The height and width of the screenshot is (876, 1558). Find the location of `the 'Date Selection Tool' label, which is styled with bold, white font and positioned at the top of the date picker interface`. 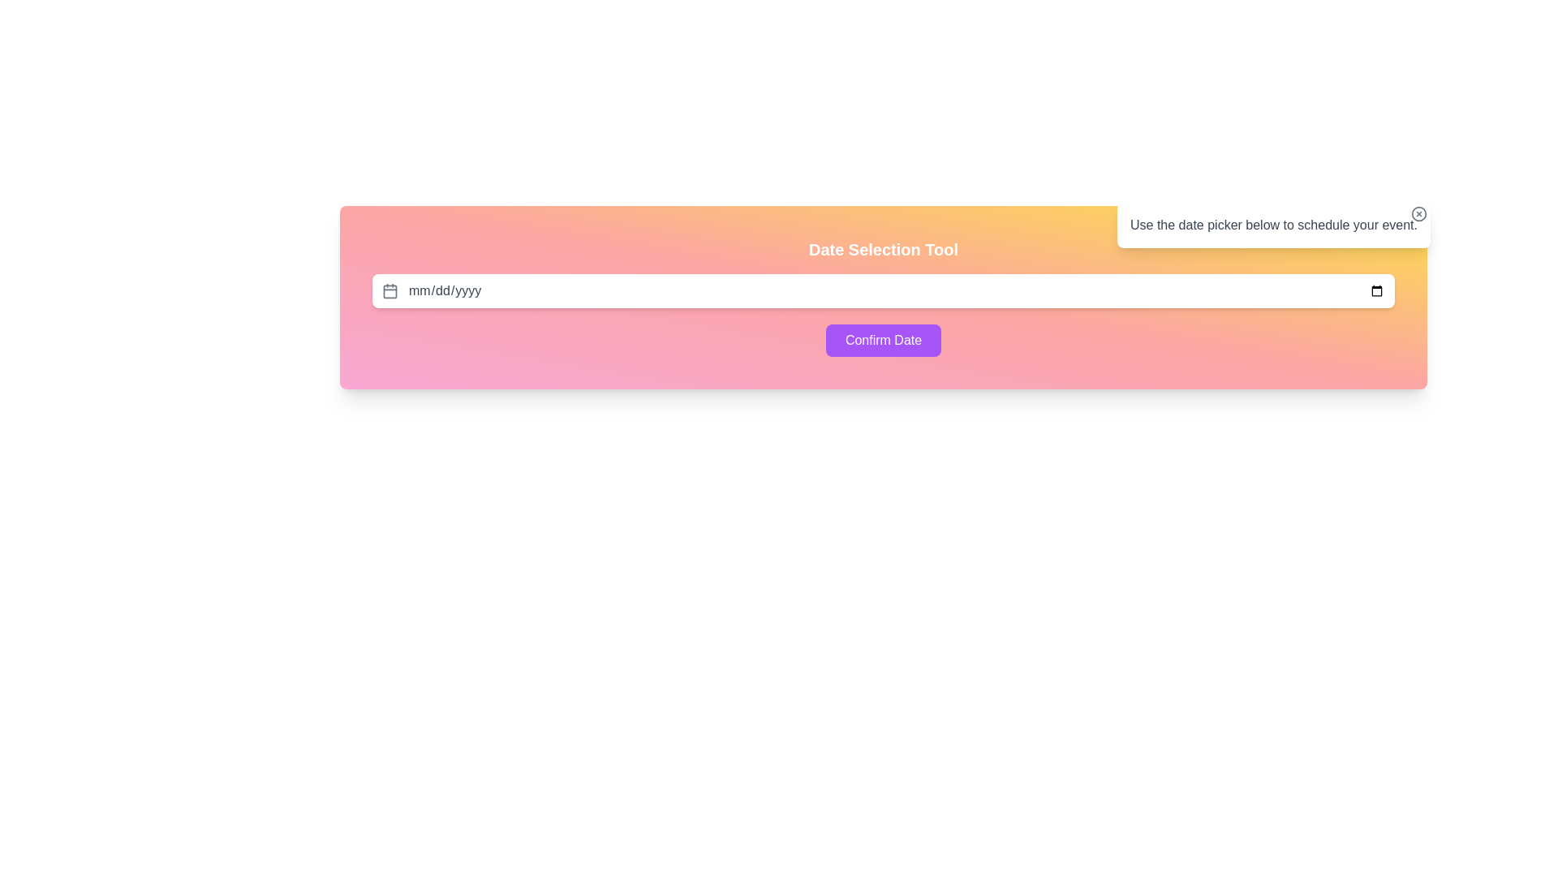

the 'Date Selection Tool' label, which is styled with bold, white font and positioned at the top of the date picker interface is located at coordinates (883, 250).